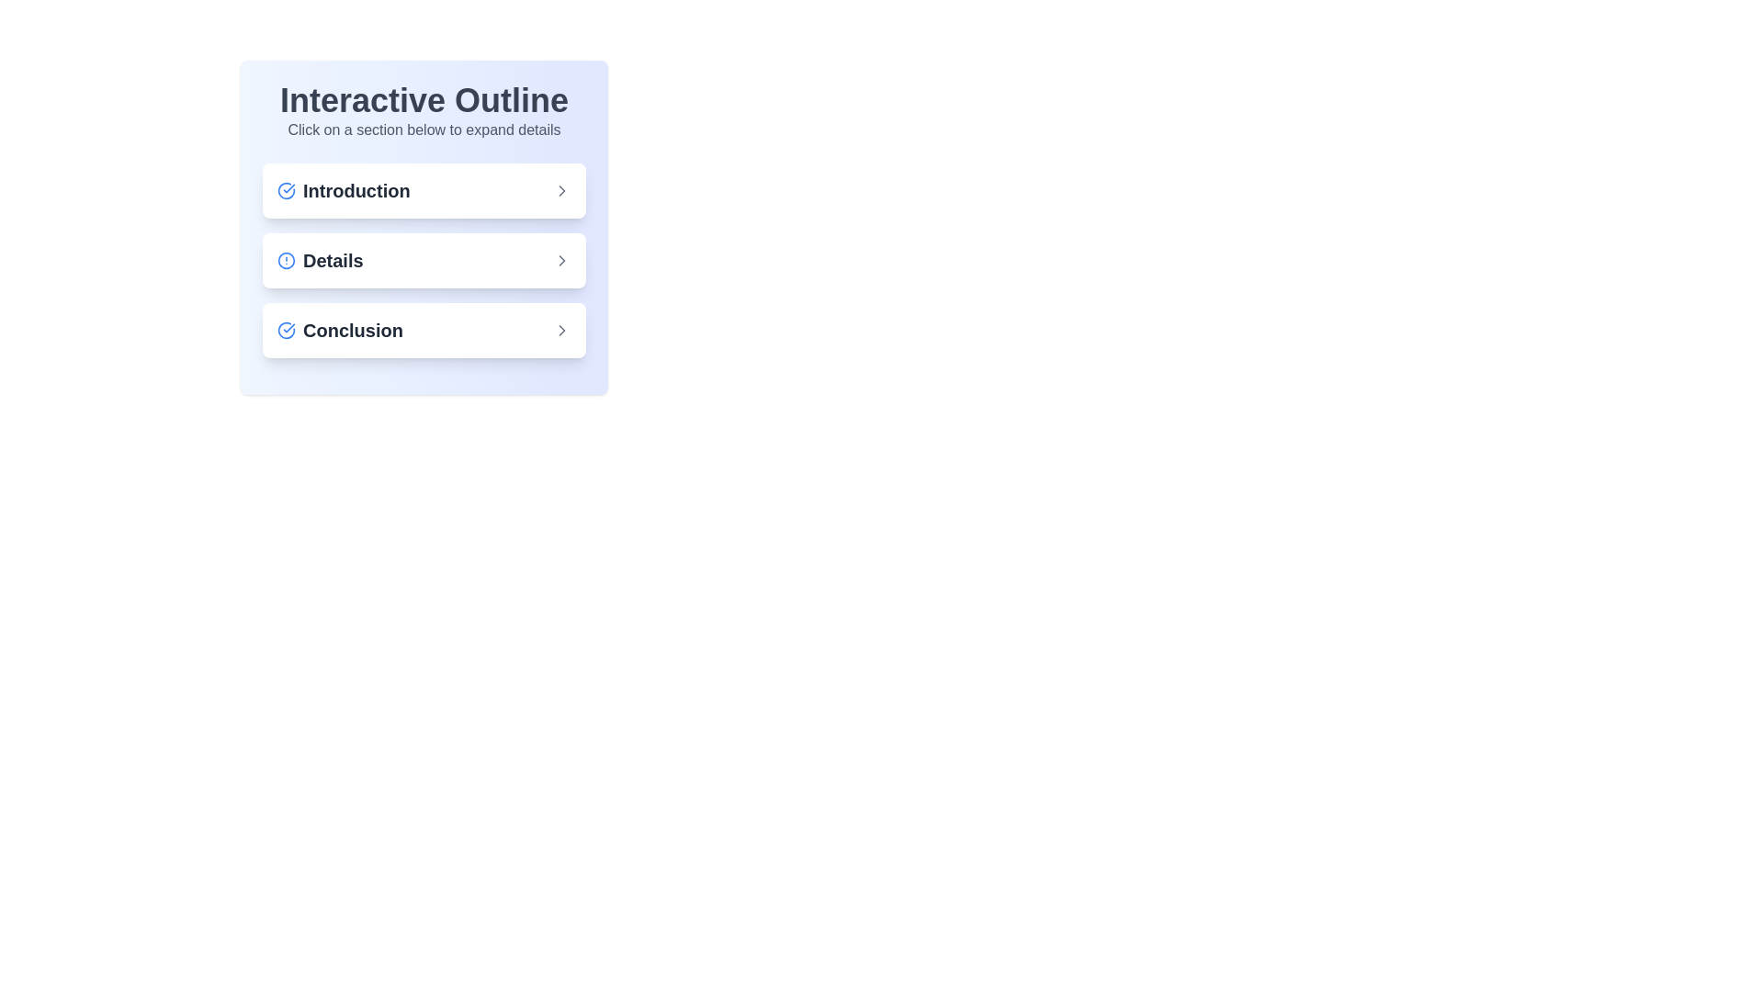 This screenshot has width=1764, height=992. Describe the element at coordinates (560, 191) in the screenshot. I see `the right-pointing chevron arrow located to the right of the 'Introduction' list item` at that location.